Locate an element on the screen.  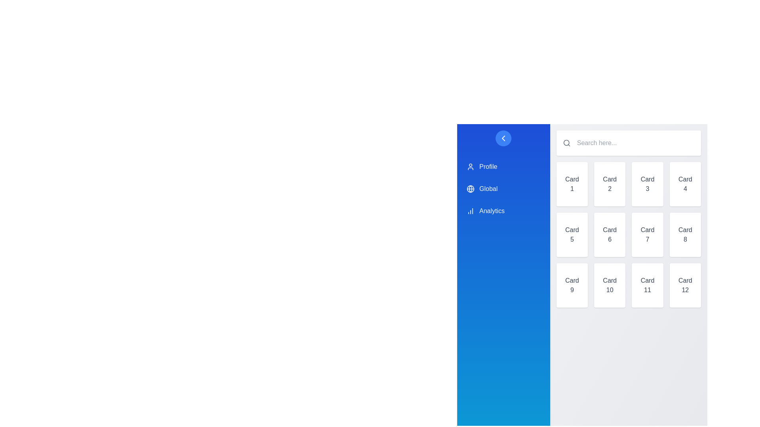
the search bar and type 'query' is located at coordinates (634, 143).